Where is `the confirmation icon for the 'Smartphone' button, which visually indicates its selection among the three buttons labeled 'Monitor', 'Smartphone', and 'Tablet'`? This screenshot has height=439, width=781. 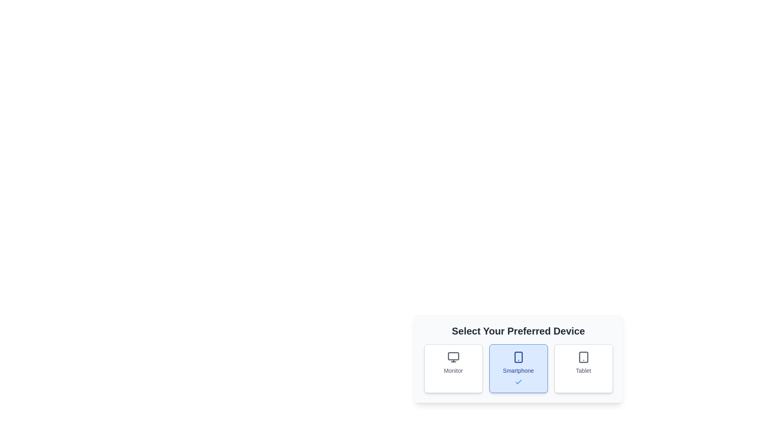
the confirmation icon for the 'Smartphone' button, which visually indicates its selection among the three buttons labeled 'Monitor', 'Smartphone', and 'Tablet' is located at coordinates (518, 382).